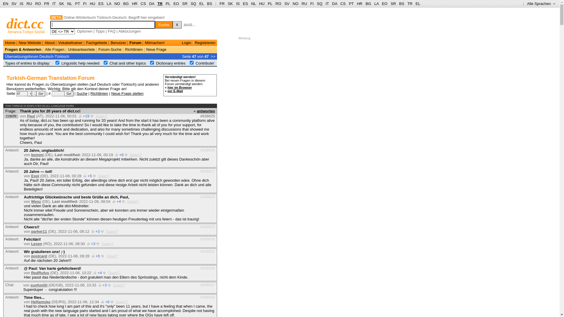 This screenshot has height=317, width=564. I want to click on 'Spam?', so click(112, 256).